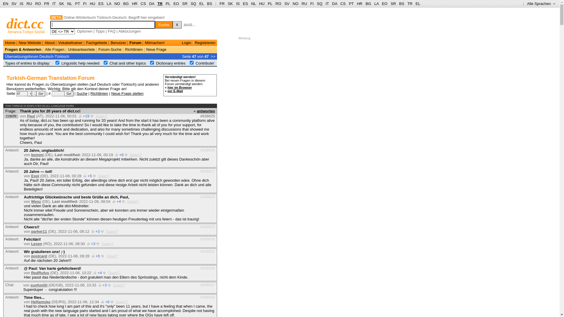 This screenshot has height=317, width=564. I want to click on 'Spam?', so click(112, 256).